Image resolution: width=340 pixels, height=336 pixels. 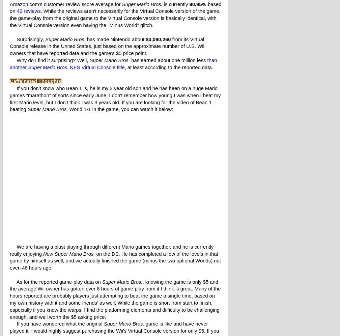 I want to click on 'If you have wondered what the original', so click(x=10, y=324).